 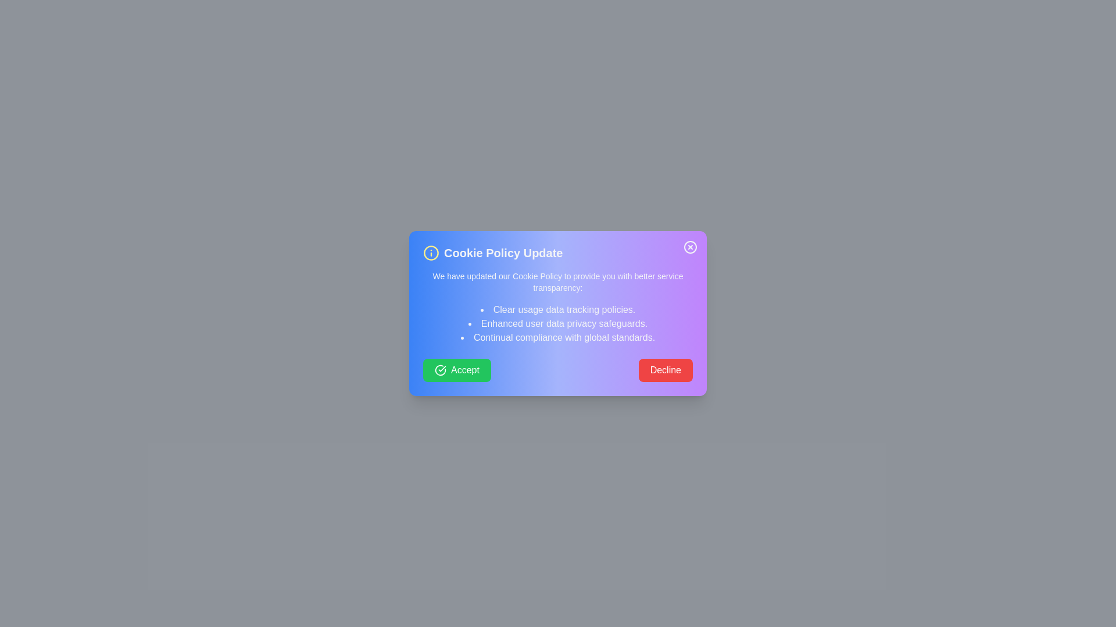 What do you see at coordinates (666, 370) in the screenshot?
I see `the decline button to decline the policy` at bounding box center [666, 370].